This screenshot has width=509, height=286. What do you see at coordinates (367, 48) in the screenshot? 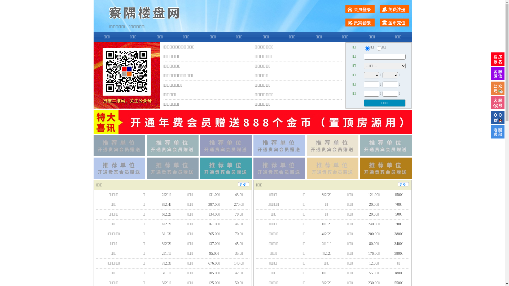
I see `'ershou'` at bounding box center [367, 48].